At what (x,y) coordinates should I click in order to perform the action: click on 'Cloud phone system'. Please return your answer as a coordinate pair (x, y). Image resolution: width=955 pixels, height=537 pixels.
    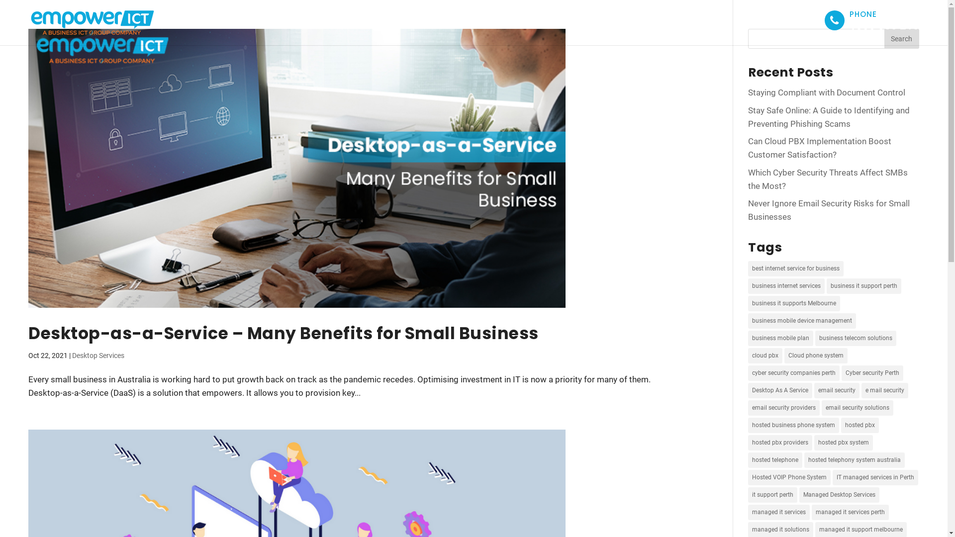
    Looking at the image, I should click on (784, 355).